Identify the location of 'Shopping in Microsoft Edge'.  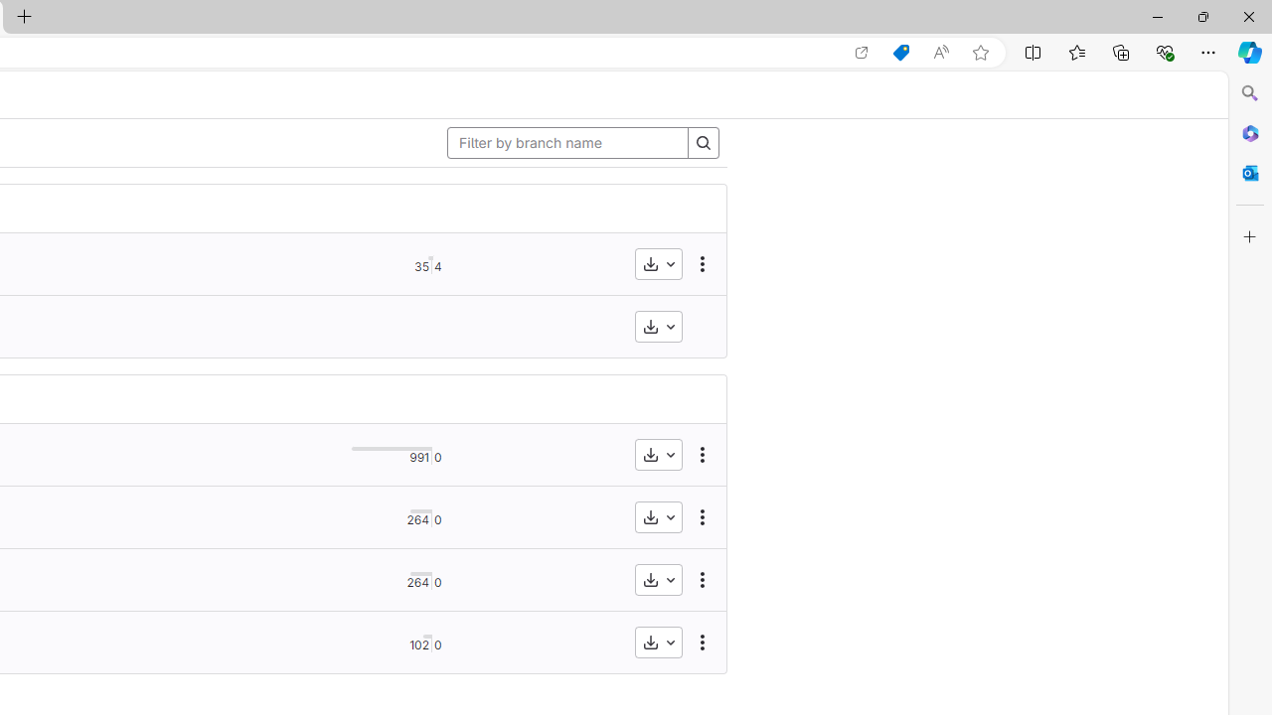
(899, 52).